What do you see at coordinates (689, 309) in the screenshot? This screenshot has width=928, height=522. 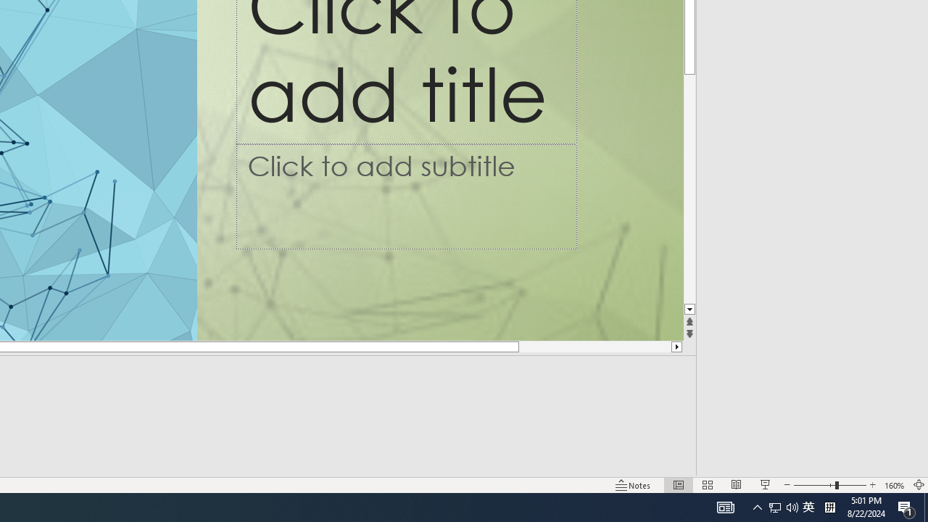 I see `'Line down'` at bounding box center [689, 309].